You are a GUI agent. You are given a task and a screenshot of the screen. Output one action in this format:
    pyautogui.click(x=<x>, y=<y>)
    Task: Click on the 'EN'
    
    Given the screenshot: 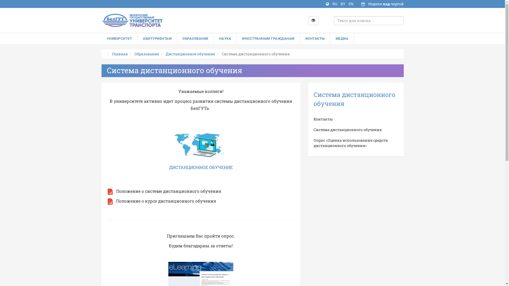 What is the action you would take?
    pyautogui.click(x=351, y=4)
    